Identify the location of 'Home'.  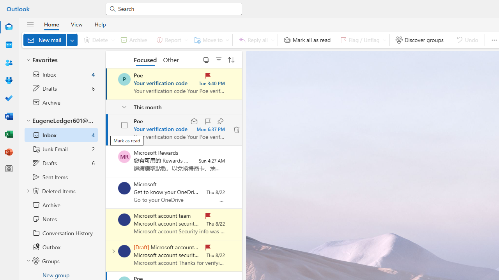
(51, 24).